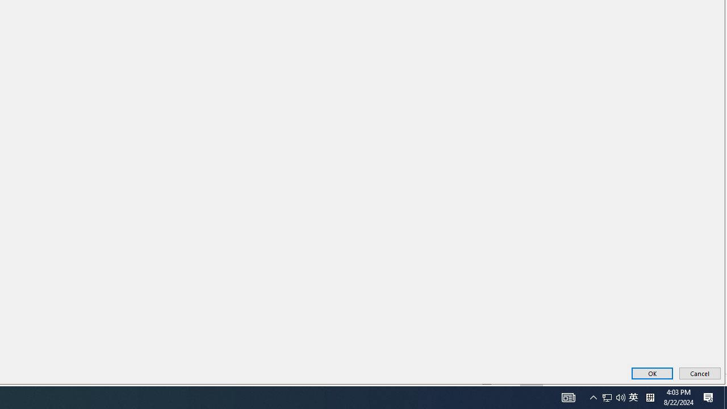 Image resolution: width=727 pixels, height=409 pixels. What do you see at coordinates (652, 373) in the screenshot?
I see `'OK'` at bounding box center [652, 373].